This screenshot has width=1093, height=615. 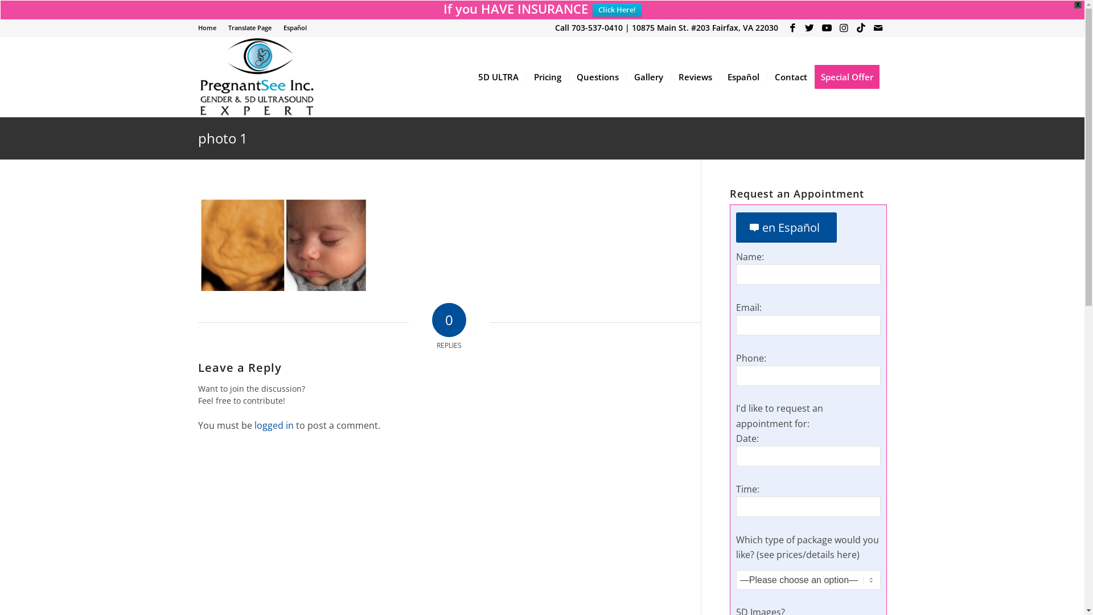 What do you see at coordinates (588, 27) in the screenshot?
I see `'Call 703-537-0410'` at bounding box center [588, 27].